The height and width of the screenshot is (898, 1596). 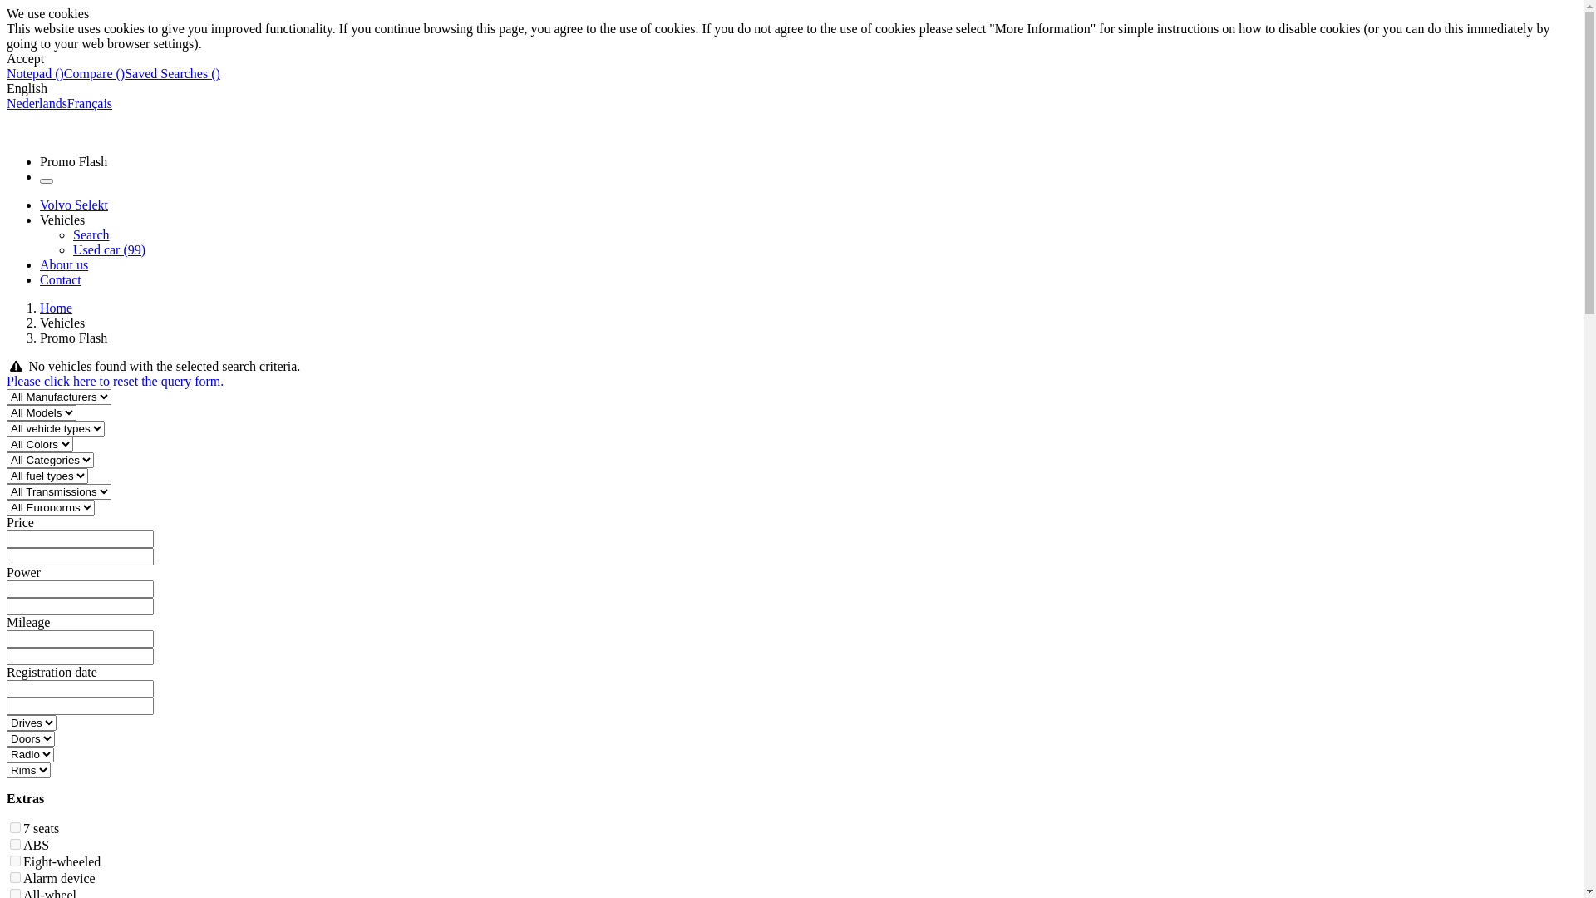 I want to click on 'Vehicles', so click(x=40, y=323).